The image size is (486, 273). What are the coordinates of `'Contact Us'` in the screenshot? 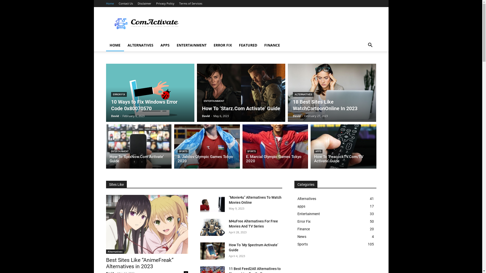 It's located at (125, 3).